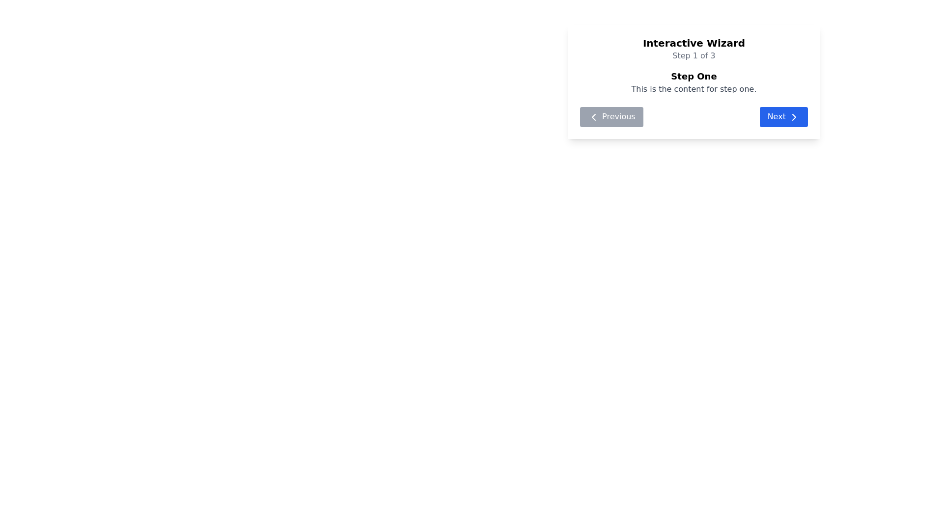 The image size is (943, 530). What do you see at coordinates (693, 56) in the screenshot?
I see `the text indicating the current step (step 1) in the multi-step process, which is centrally aligned beneath the header 'Interactive Wizard'` at bounding box center [693, 56].